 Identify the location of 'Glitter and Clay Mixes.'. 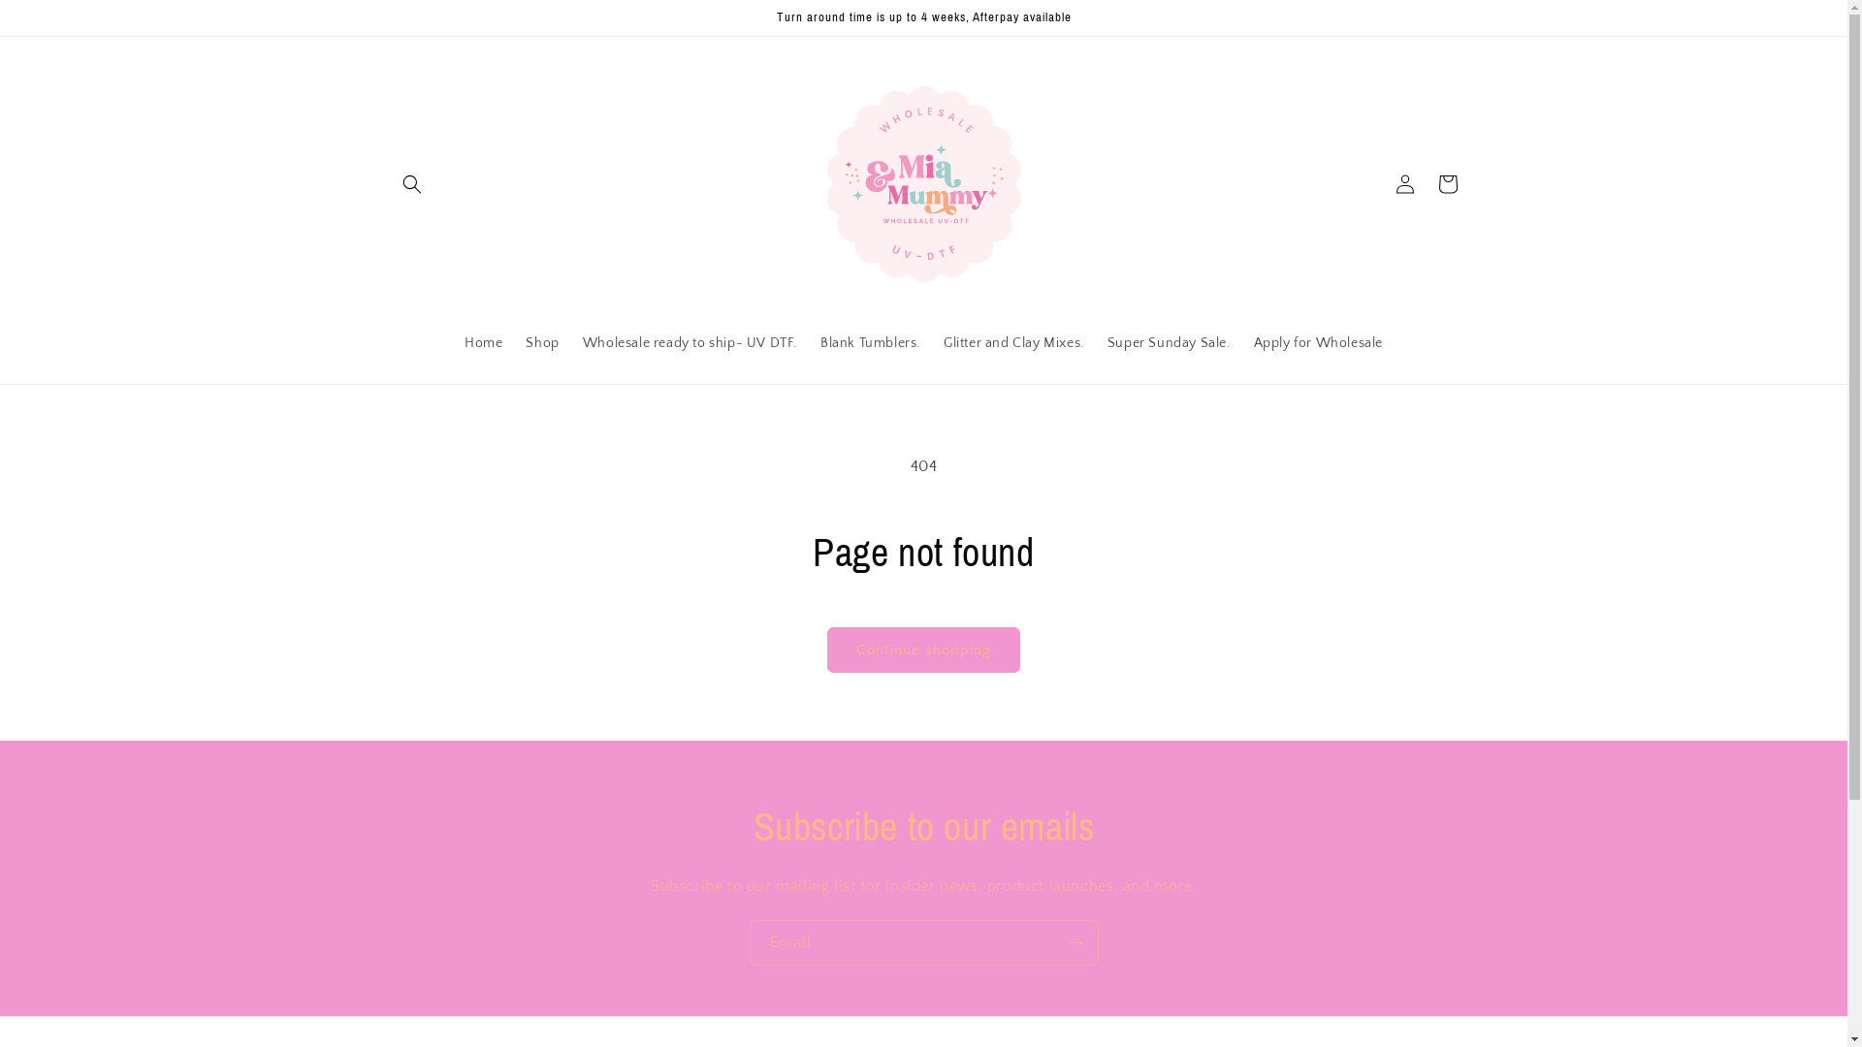
(1012, 342).